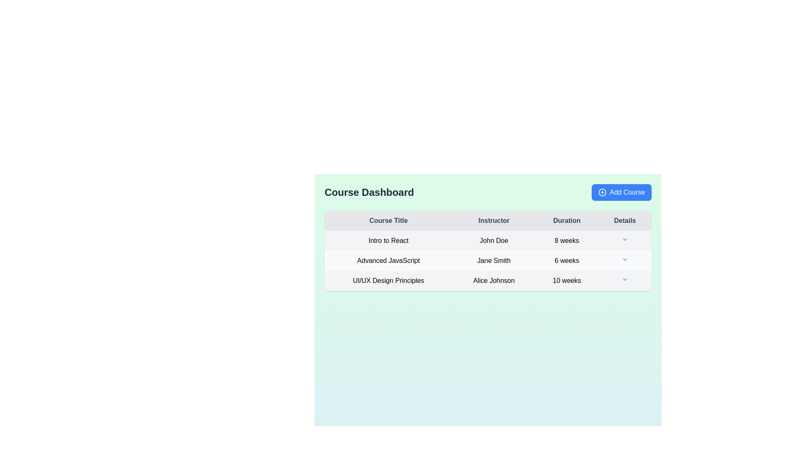 The image size is (800, 450). What do you see at coordinates (494, 281) in the screenshot?
I see `the text label displaying 'Alice Johnson' which is located in the 'Instructor' column, under the course title 'UI/UX Design Principles'` at bounding box center [494, 281].